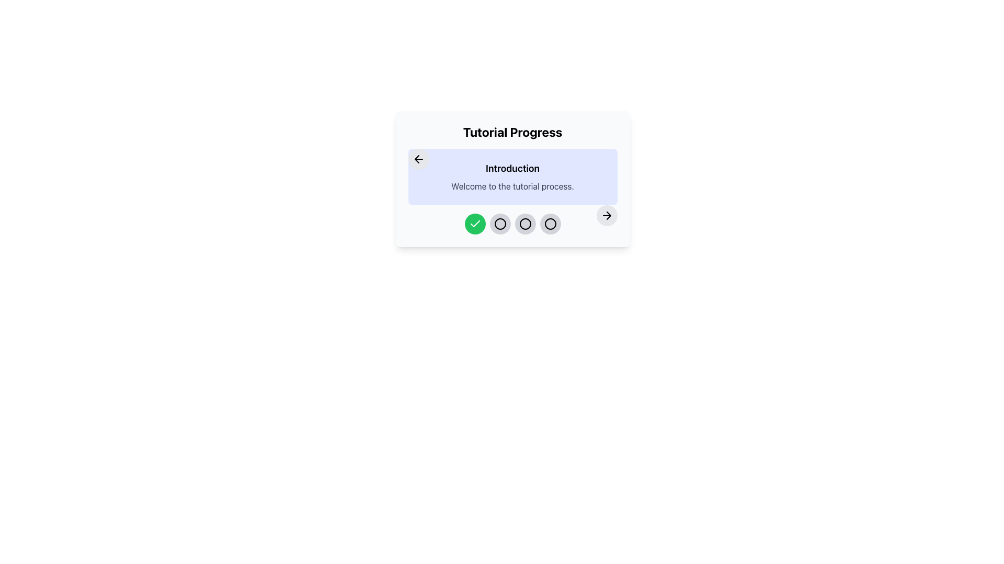 This screenshot has width=1004, height=564. What do you see at coordinates (607, 215) in the screenshot?
I see `the circular button with a right-facing arrow icon located in the 'Tutorial Progress' section` at bounding box center [607, 215].